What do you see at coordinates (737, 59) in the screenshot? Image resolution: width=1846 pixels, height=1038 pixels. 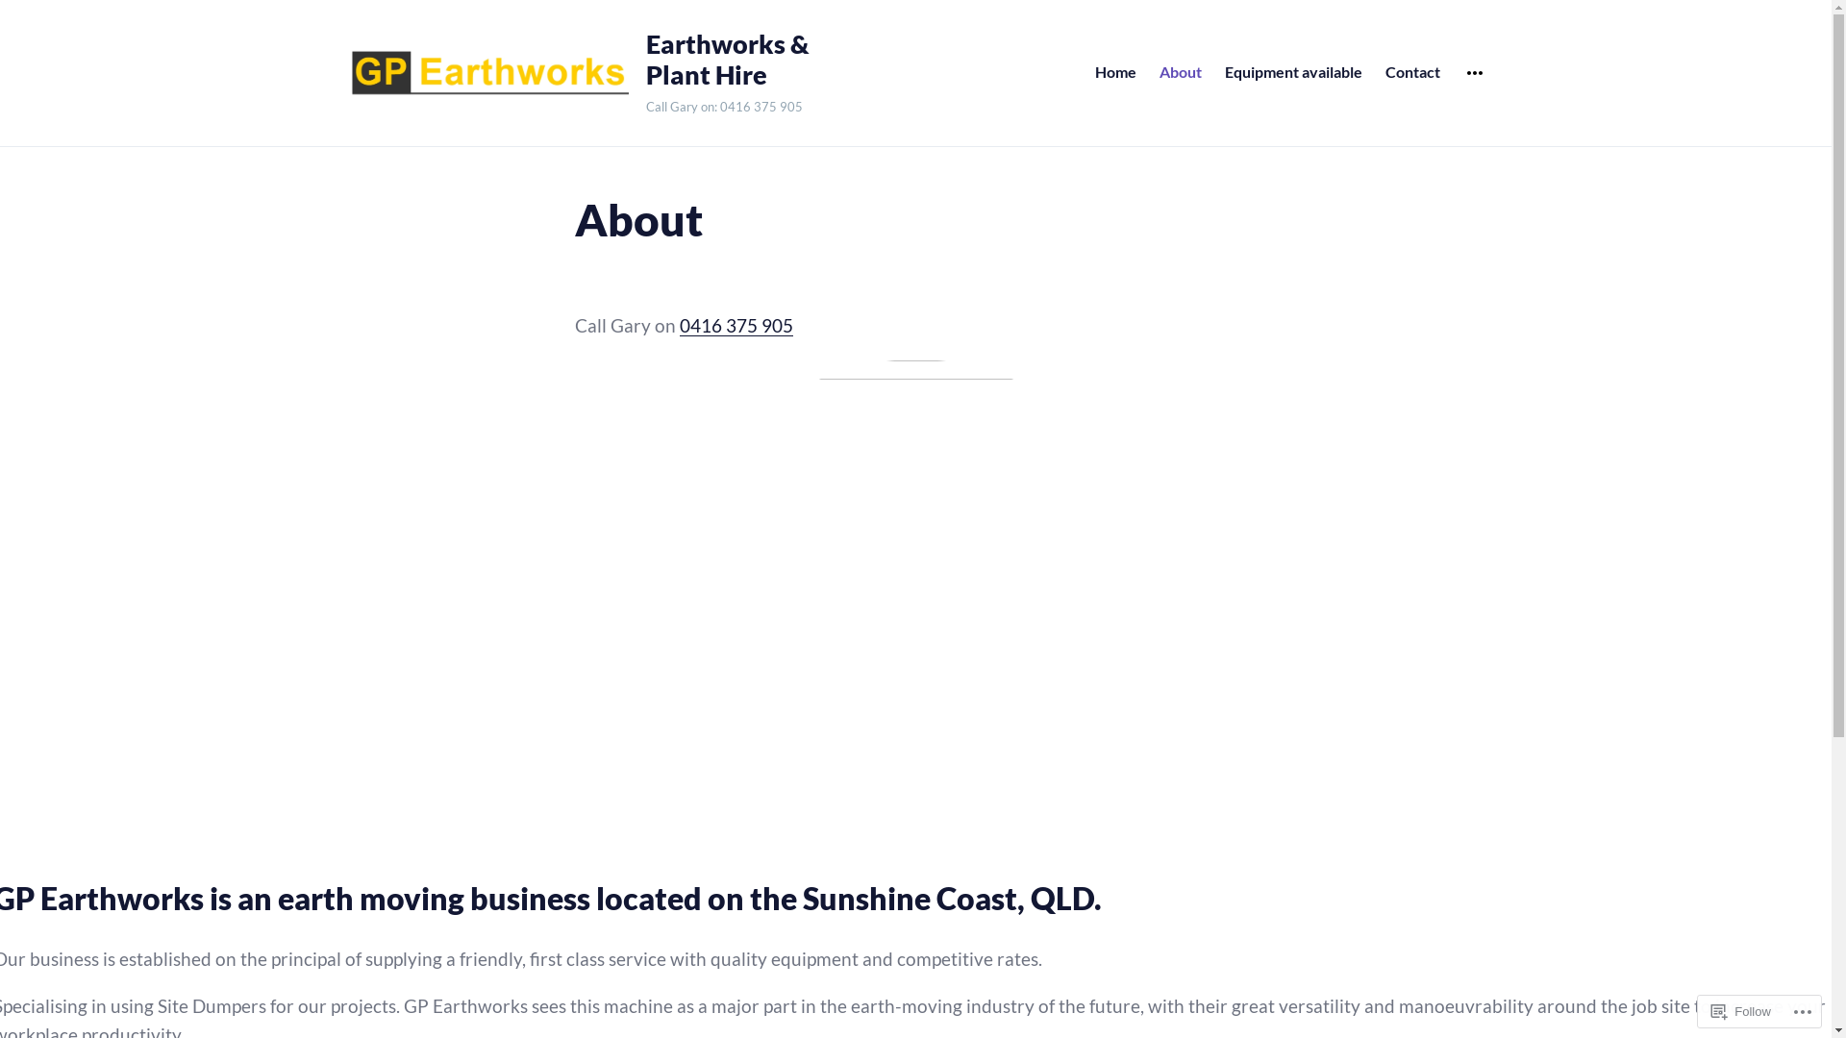 I see `'Earthworks & Plant Hire'` at bounding box center [737, 59].